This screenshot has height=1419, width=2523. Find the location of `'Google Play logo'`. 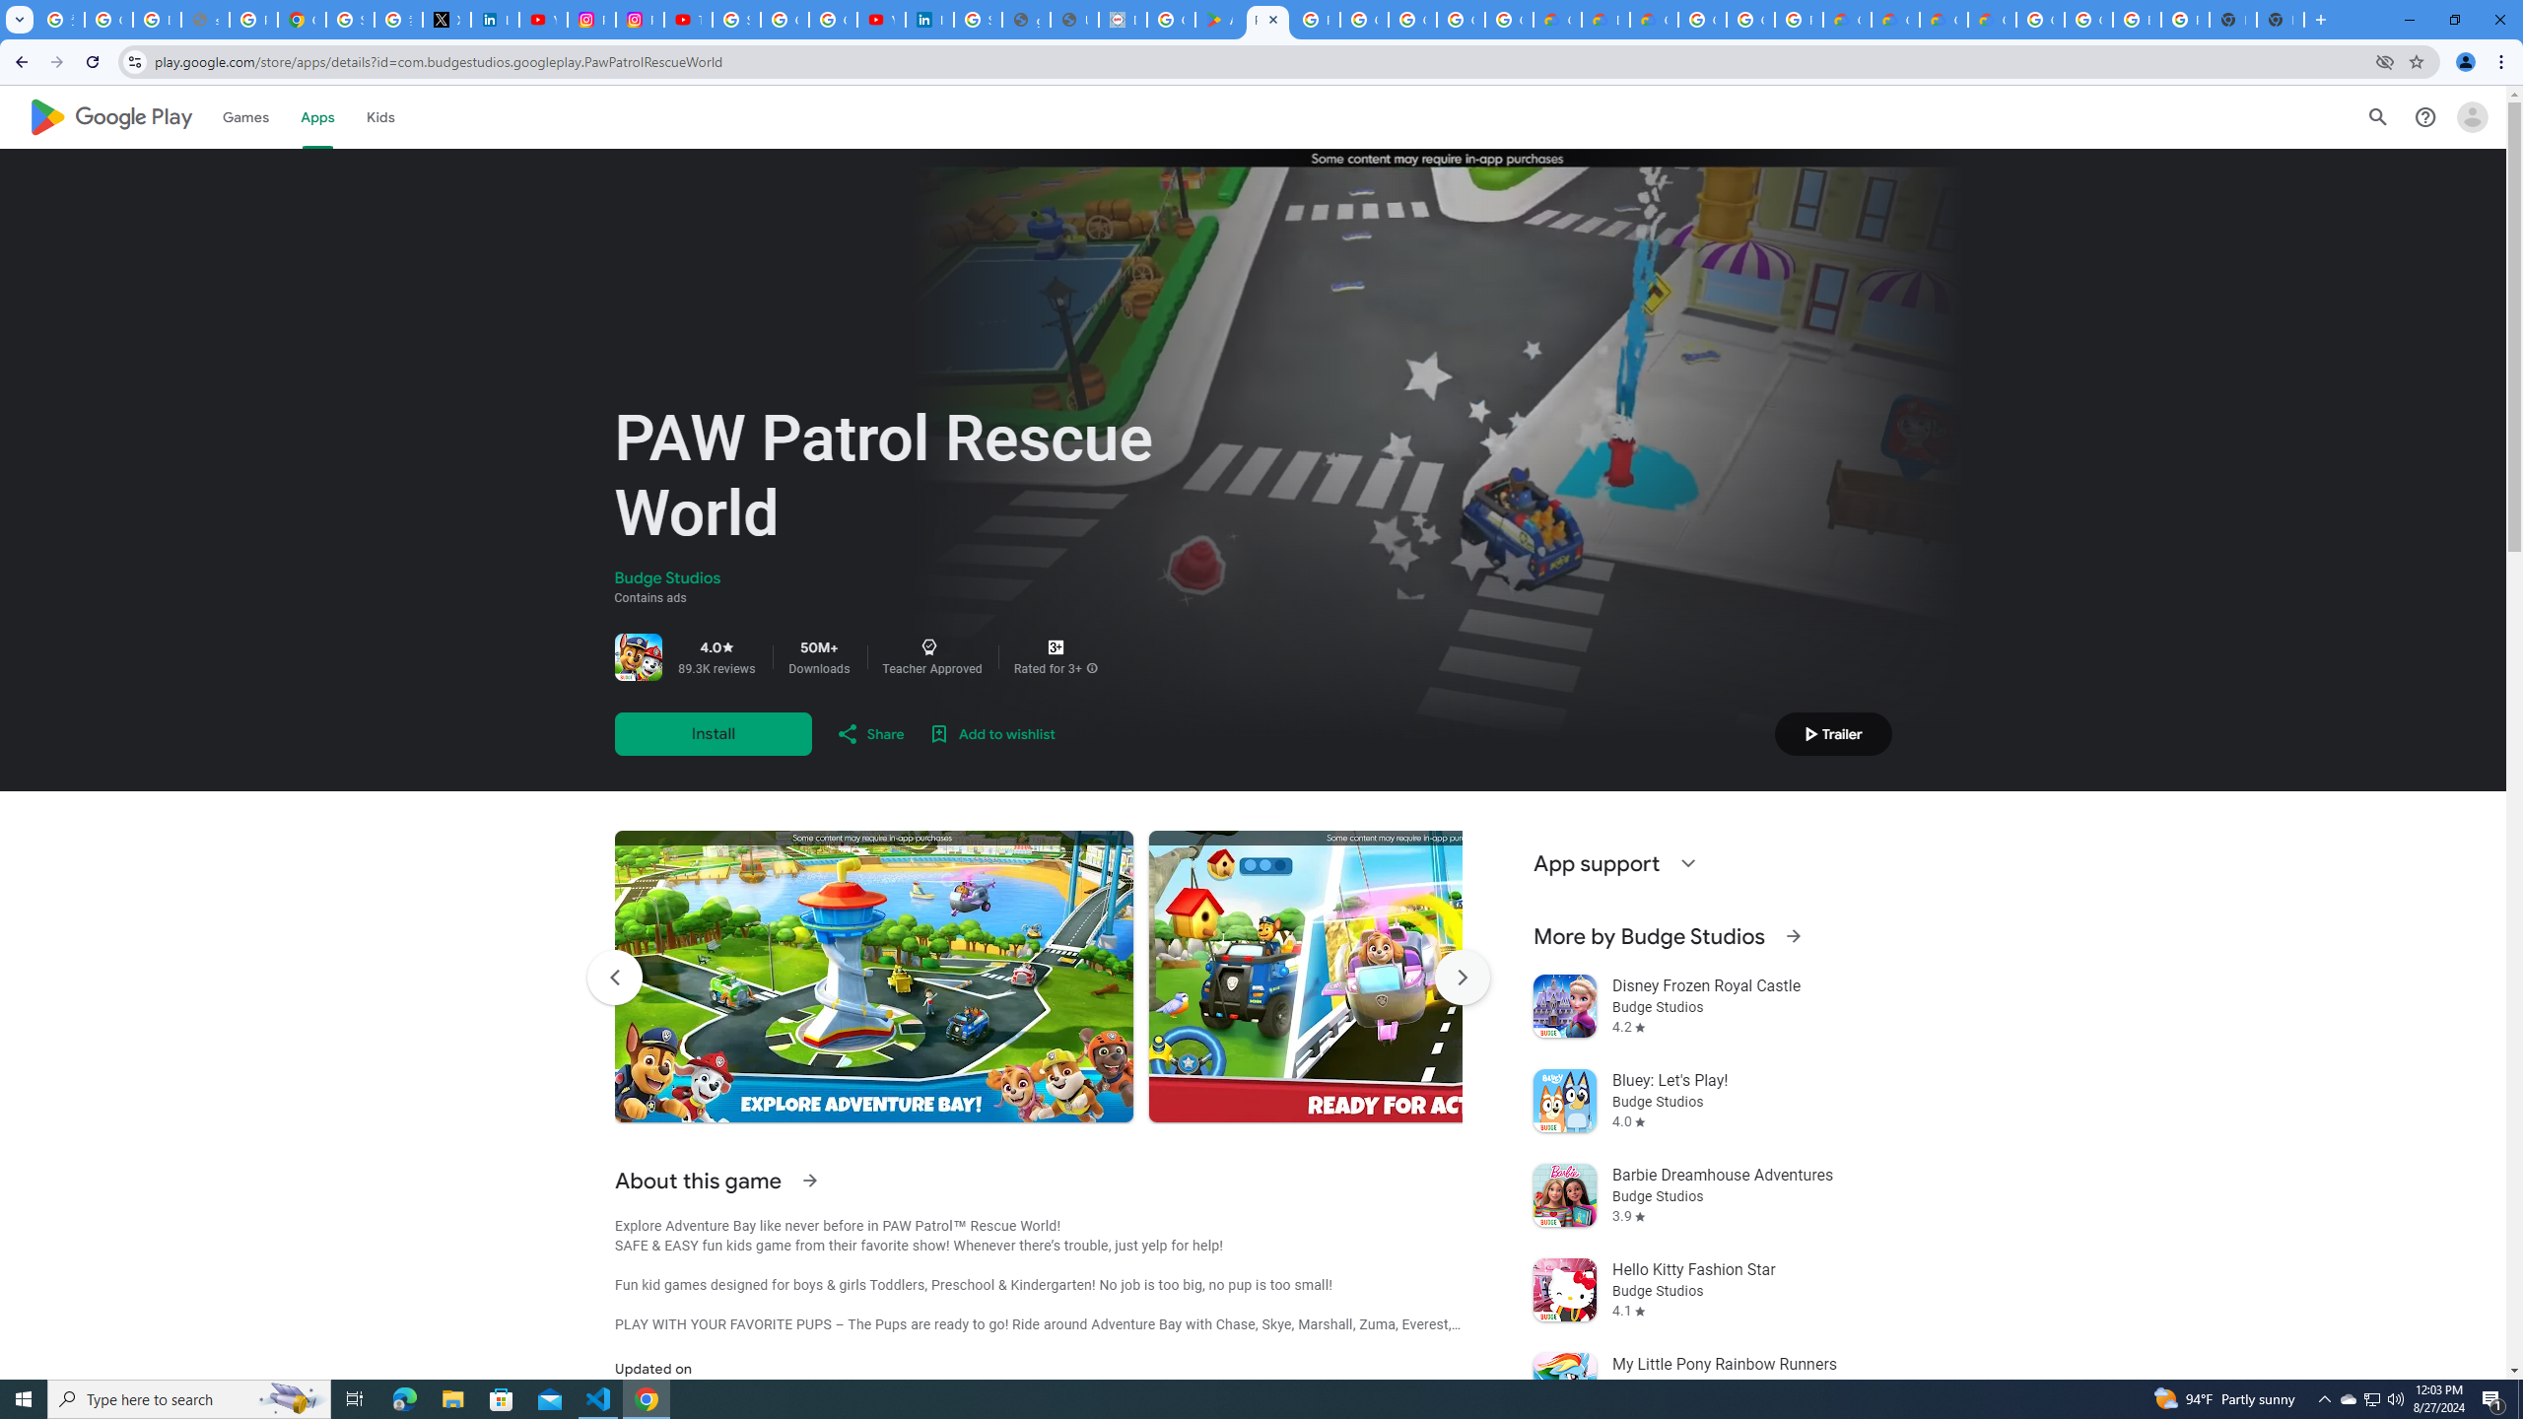

'Google Play logo' is located at coordinates (109, 116).